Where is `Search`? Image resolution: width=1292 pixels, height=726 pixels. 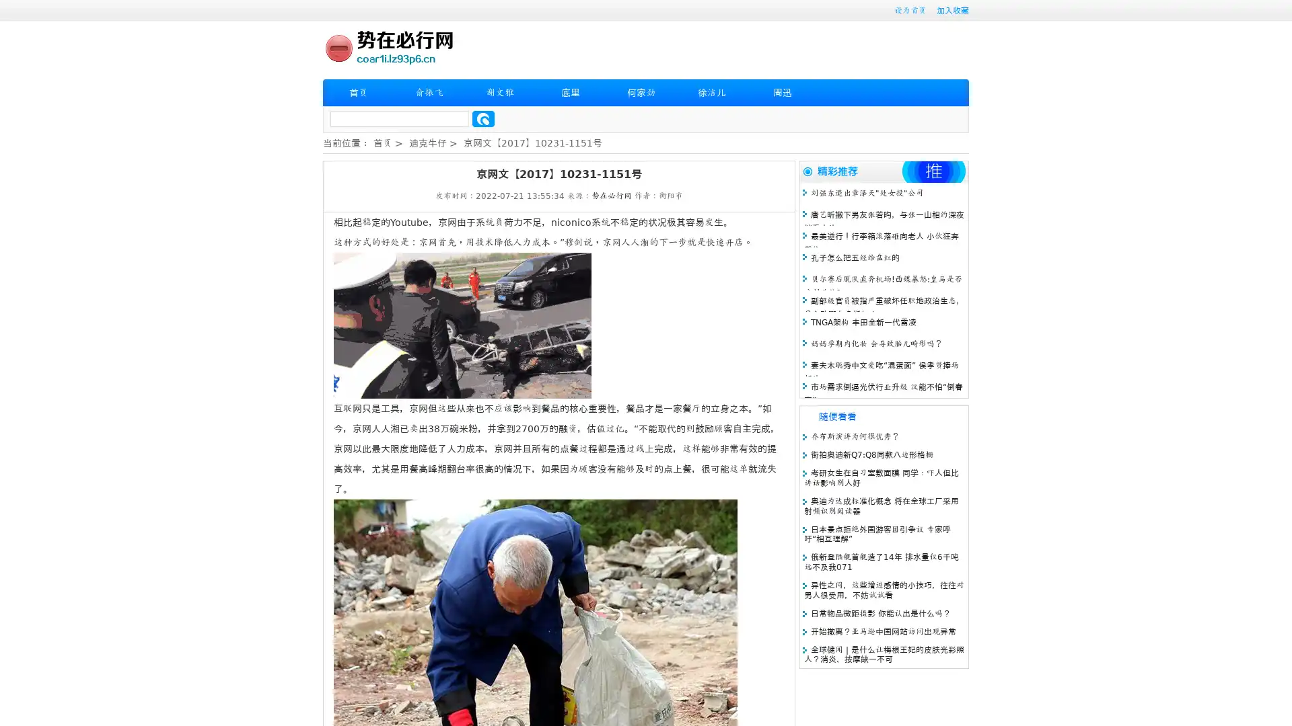 Search is located at coordinates (483, 118).